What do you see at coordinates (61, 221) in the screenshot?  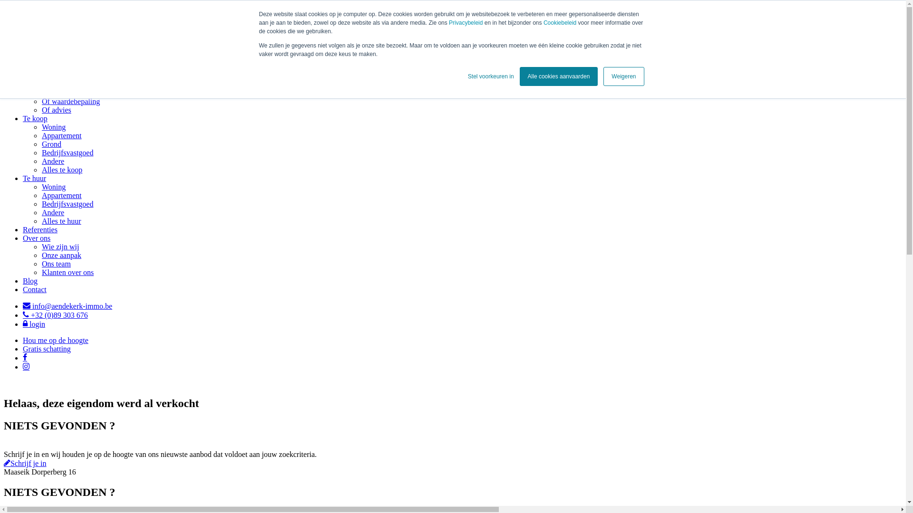 I see `'Alles te huur'` at bounding box center [61, 221].